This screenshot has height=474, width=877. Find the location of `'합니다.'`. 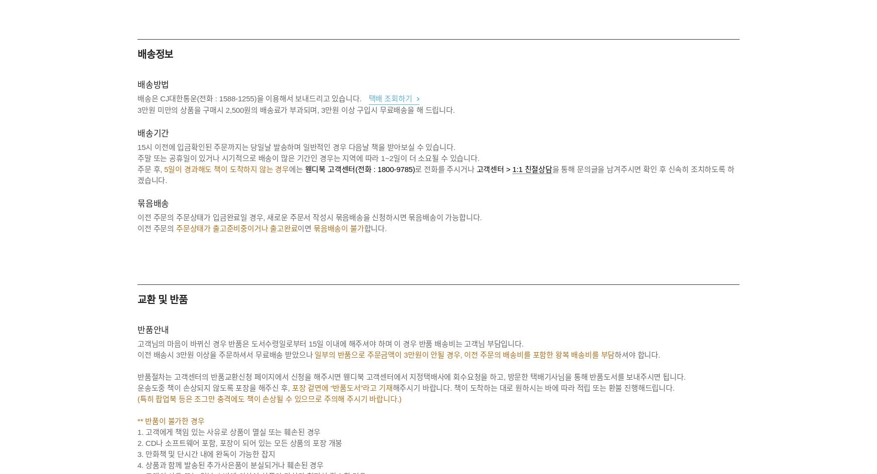

'합니다.' is located at coordinates (374, 228).